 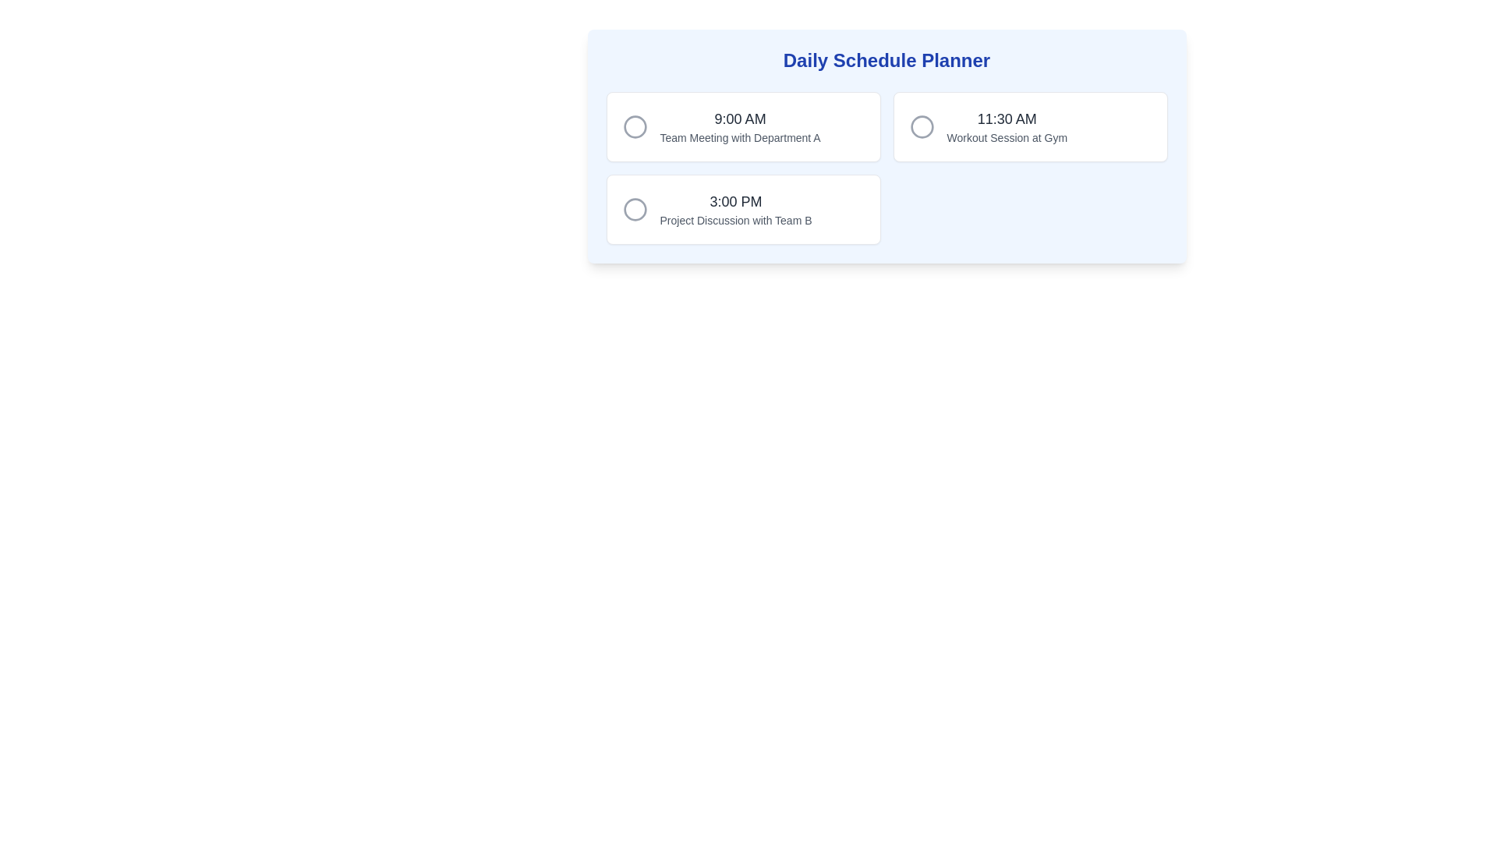 What do you see at coordinates (1007, 137) in the screenshot?
I see `the text label located beneath '11:30 AM' in the top right schedule card of the planner interface to read its content` at bounding box center [1007, 137].